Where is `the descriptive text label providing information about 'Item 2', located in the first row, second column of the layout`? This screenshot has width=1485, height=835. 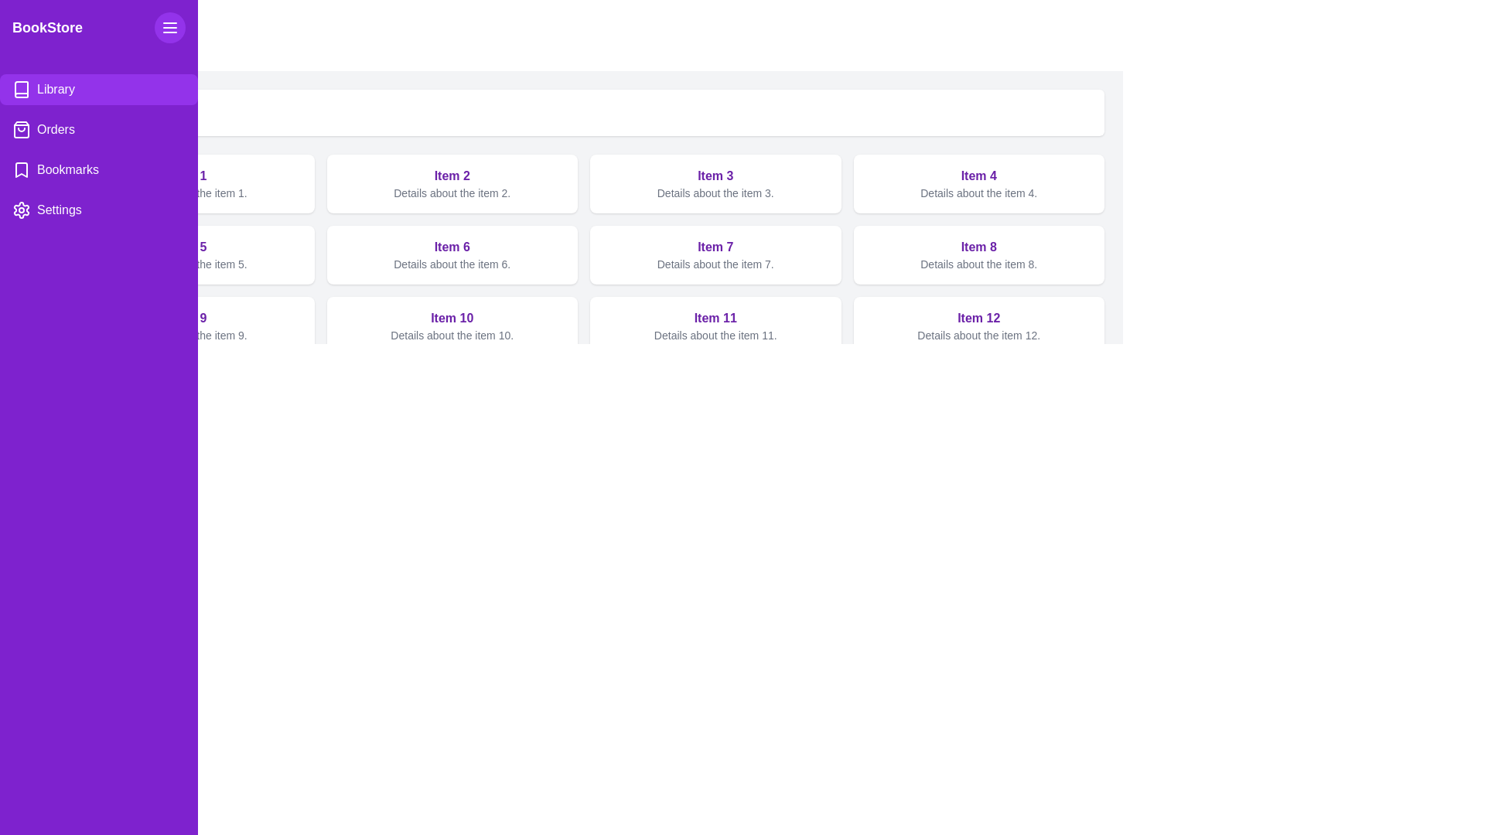 the descriptive text label providing information about 'Item 2', located in the first row, second column of the layout is located at coordinates (451, 193).